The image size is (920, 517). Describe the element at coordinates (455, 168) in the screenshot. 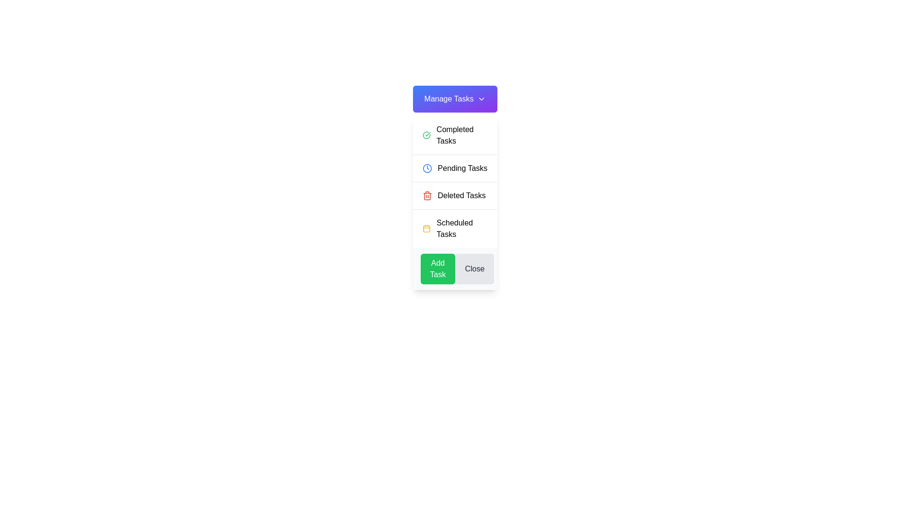

I see `the menu item button for pending tasks located beneath 'Manage Tasks'` at that location.